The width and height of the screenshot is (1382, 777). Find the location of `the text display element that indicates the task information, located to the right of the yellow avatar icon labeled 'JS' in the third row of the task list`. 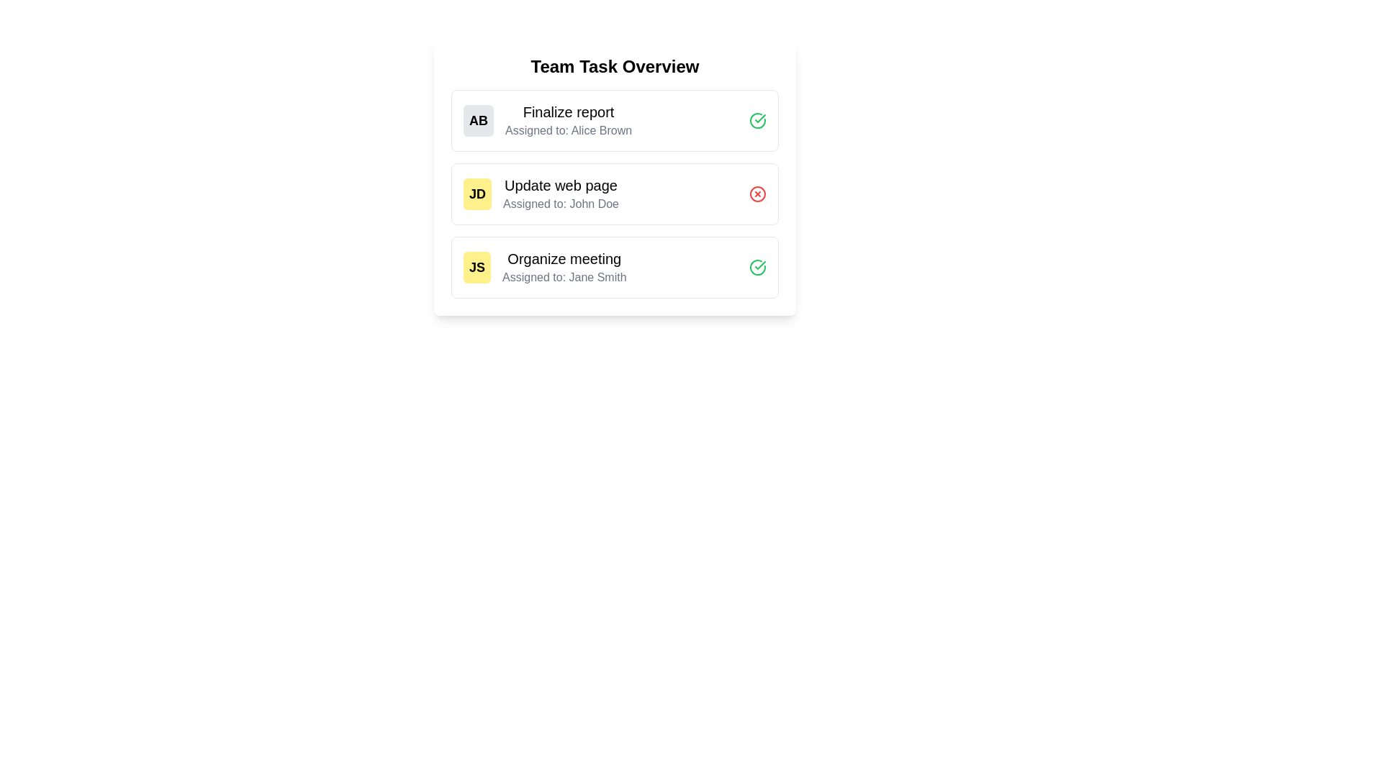

the text display element that indicates the task information, located to the right of the yellow avatar icon labeled 'JS' in the third row of the task list is located at coordinates (564, 267).